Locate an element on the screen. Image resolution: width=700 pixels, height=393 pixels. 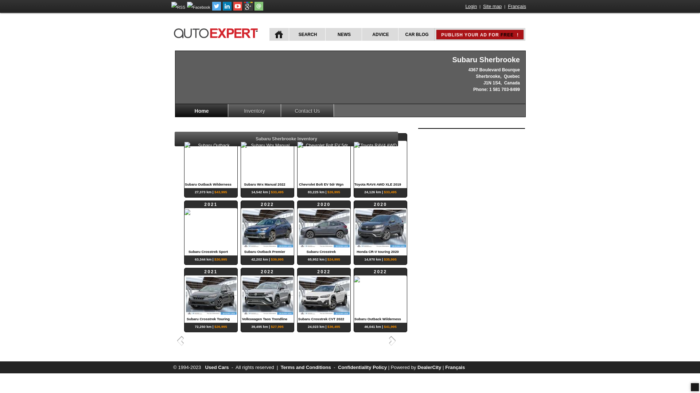
'Terms and Conditions' is located at coordinates (306, 367).